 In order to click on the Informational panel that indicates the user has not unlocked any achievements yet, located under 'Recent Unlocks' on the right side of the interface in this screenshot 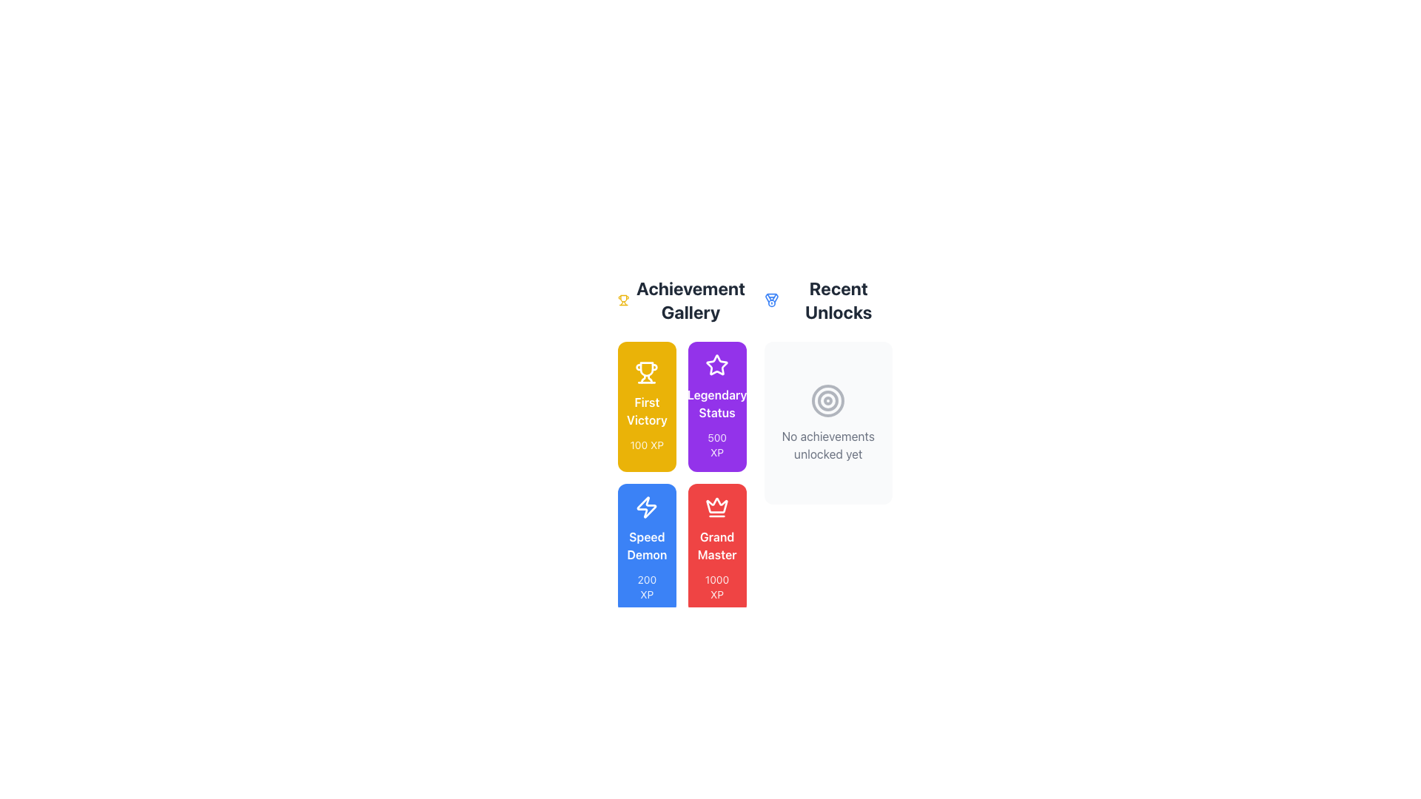, I will do `click(827, 422)`.